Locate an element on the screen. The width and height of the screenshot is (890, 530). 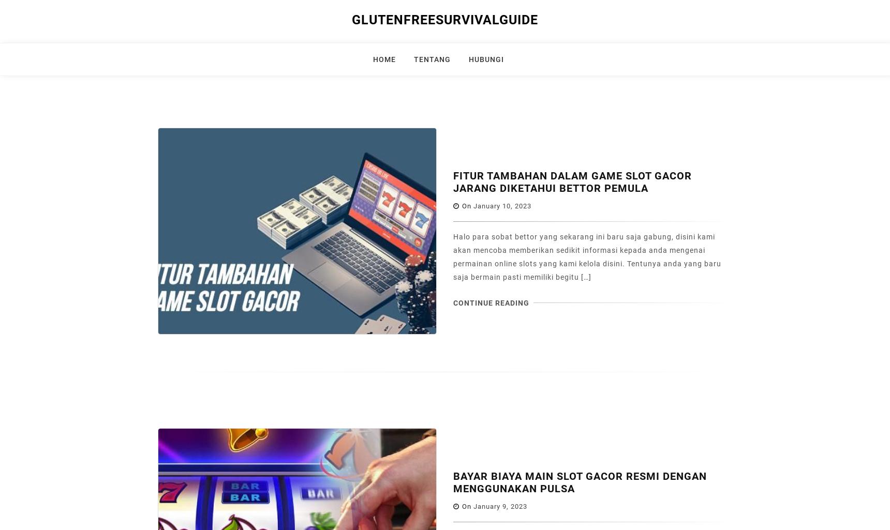
'January 9, 2023' is located at coordinates (500, 506).